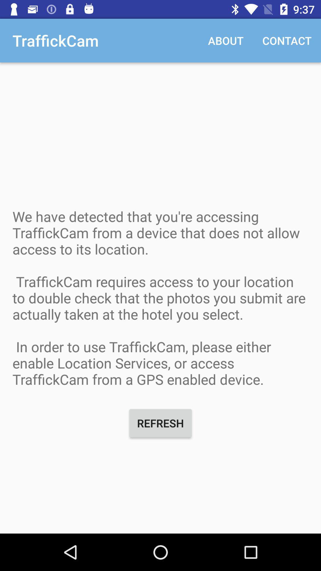  What do you see at coordinates (226, 40) in the screenshot?
I see `the app next to traffickcam icon` at bounding box center [226, 40].